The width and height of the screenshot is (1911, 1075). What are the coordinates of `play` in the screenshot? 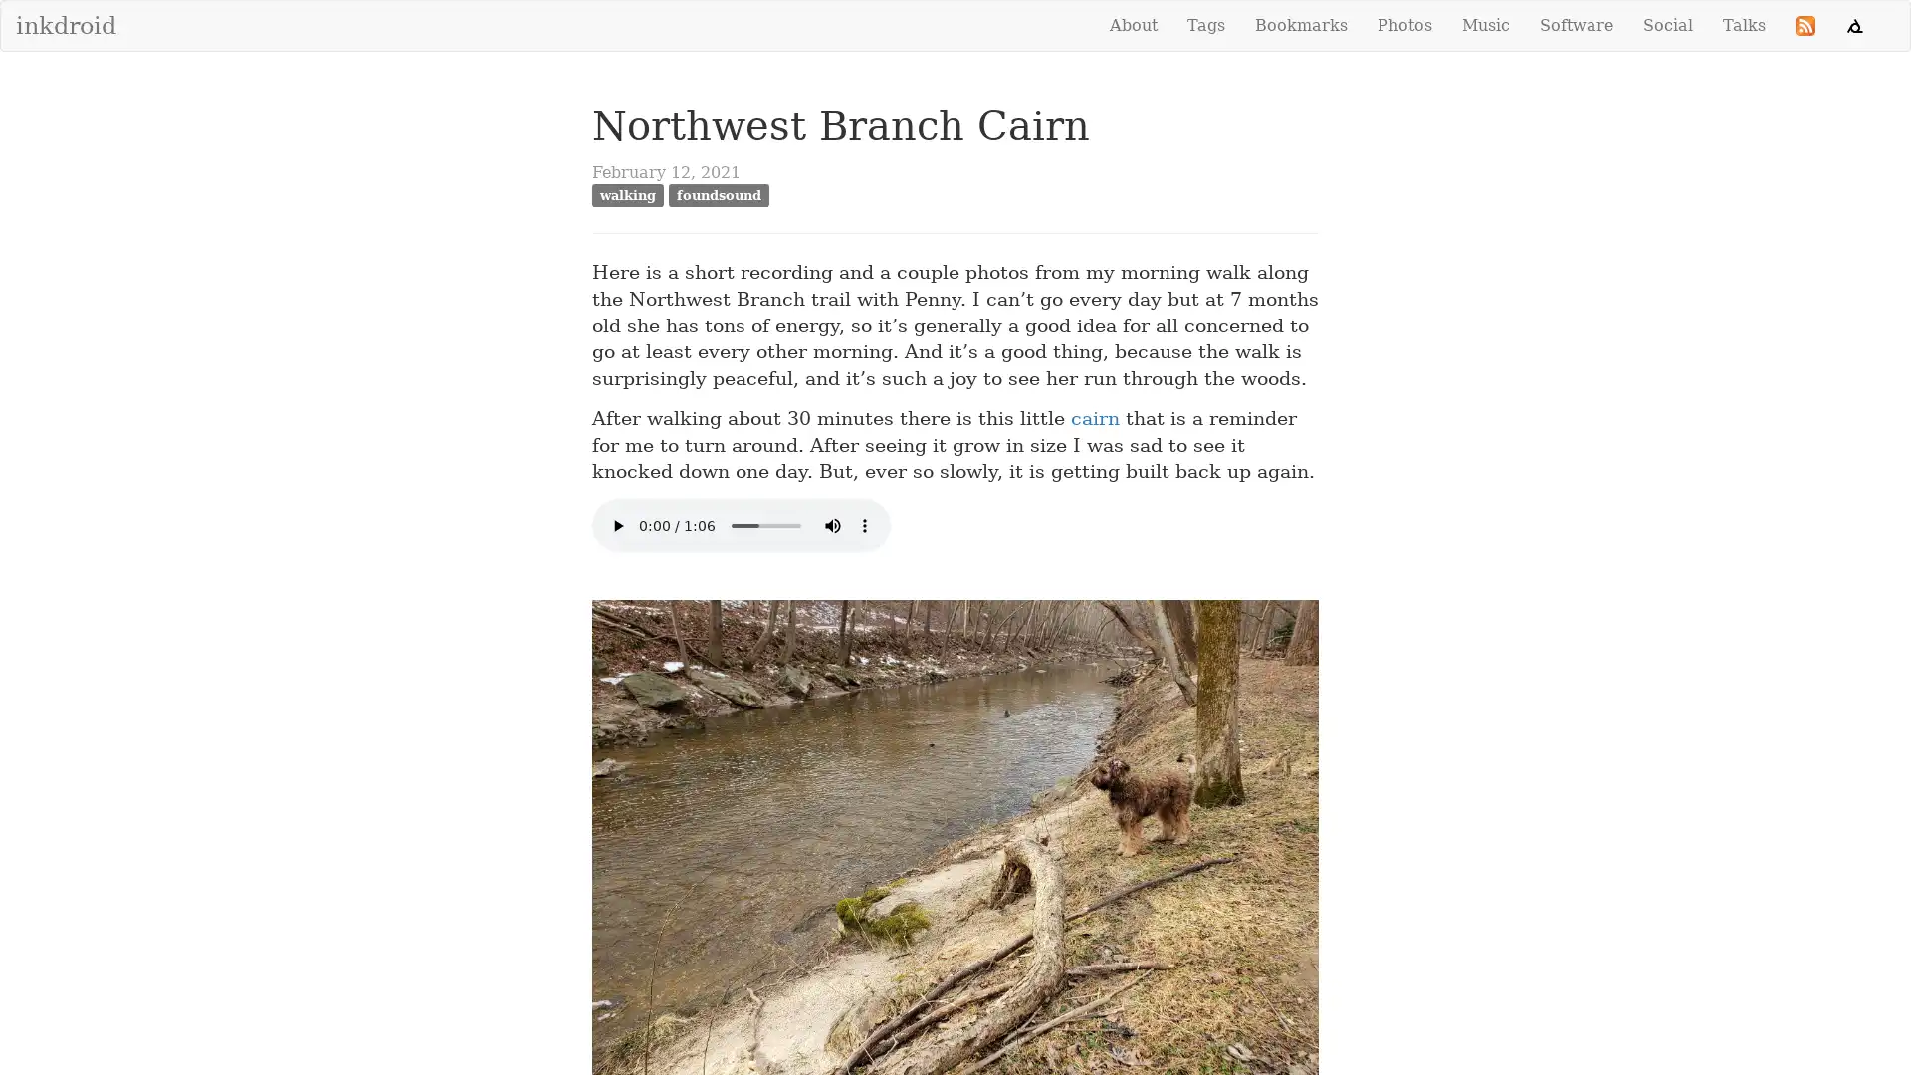 It's located at (616, 525).